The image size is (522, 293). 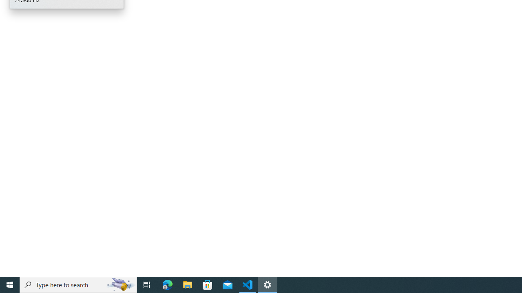 What do you see at coordinates (187, 284) in the screenshot?
I see `'File Explorer'` at bounding box center [187, 284].